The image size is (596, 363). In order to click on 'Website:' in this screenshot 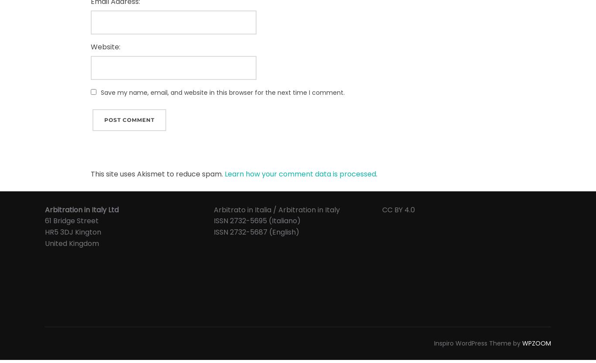, I will do `click(90, 47)`.